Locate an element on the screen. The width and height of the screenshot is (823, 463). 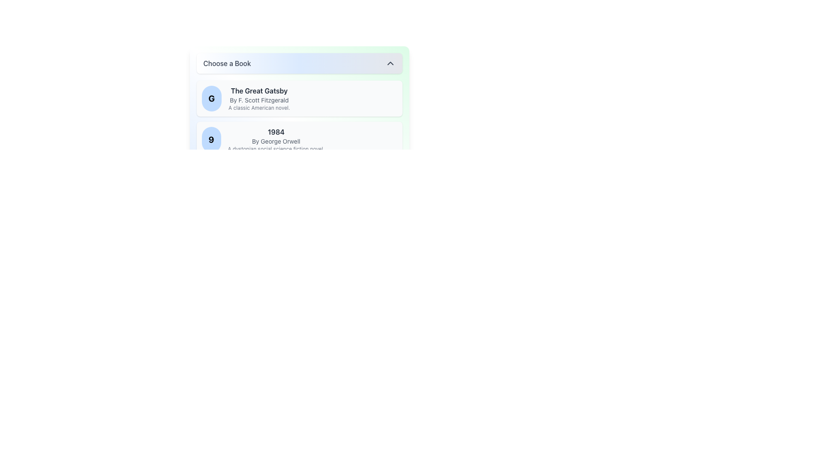
the text label 'By George Orwell' which is displayed in a smaller grayish font and positioned below the title '1984' is located at coordinates (276, 141).